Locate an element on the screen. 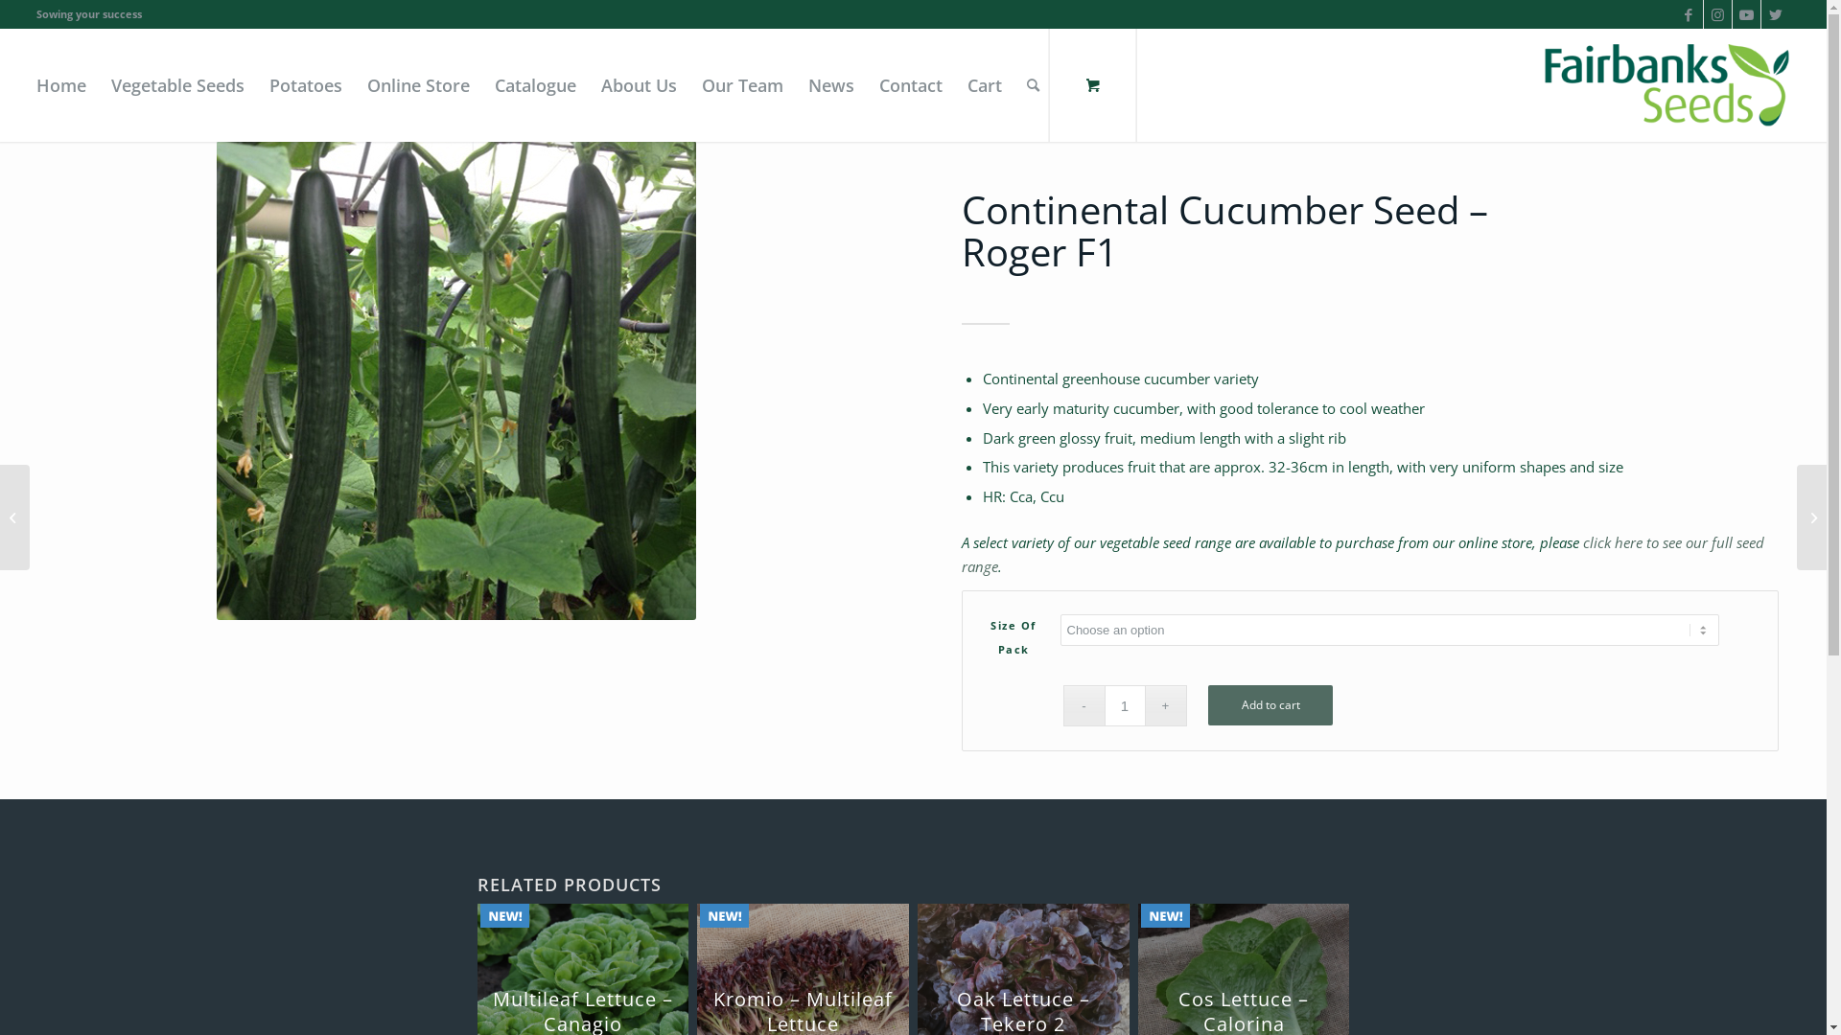 The height and width of the screenshot is (1035, 1841). 'Potatoes' is located at coordinates (304, 83).